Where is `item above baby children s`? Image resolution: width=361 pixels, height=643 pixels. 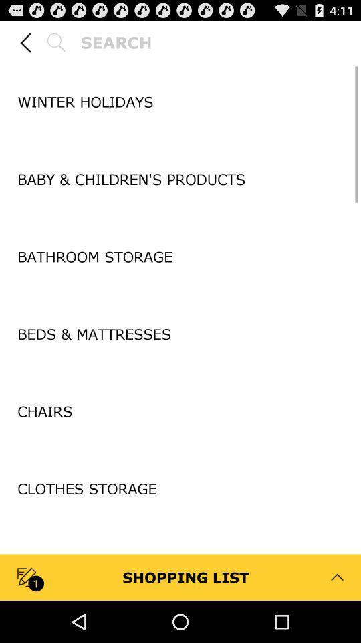 item above baby children s is located at coordinates (180, 141).